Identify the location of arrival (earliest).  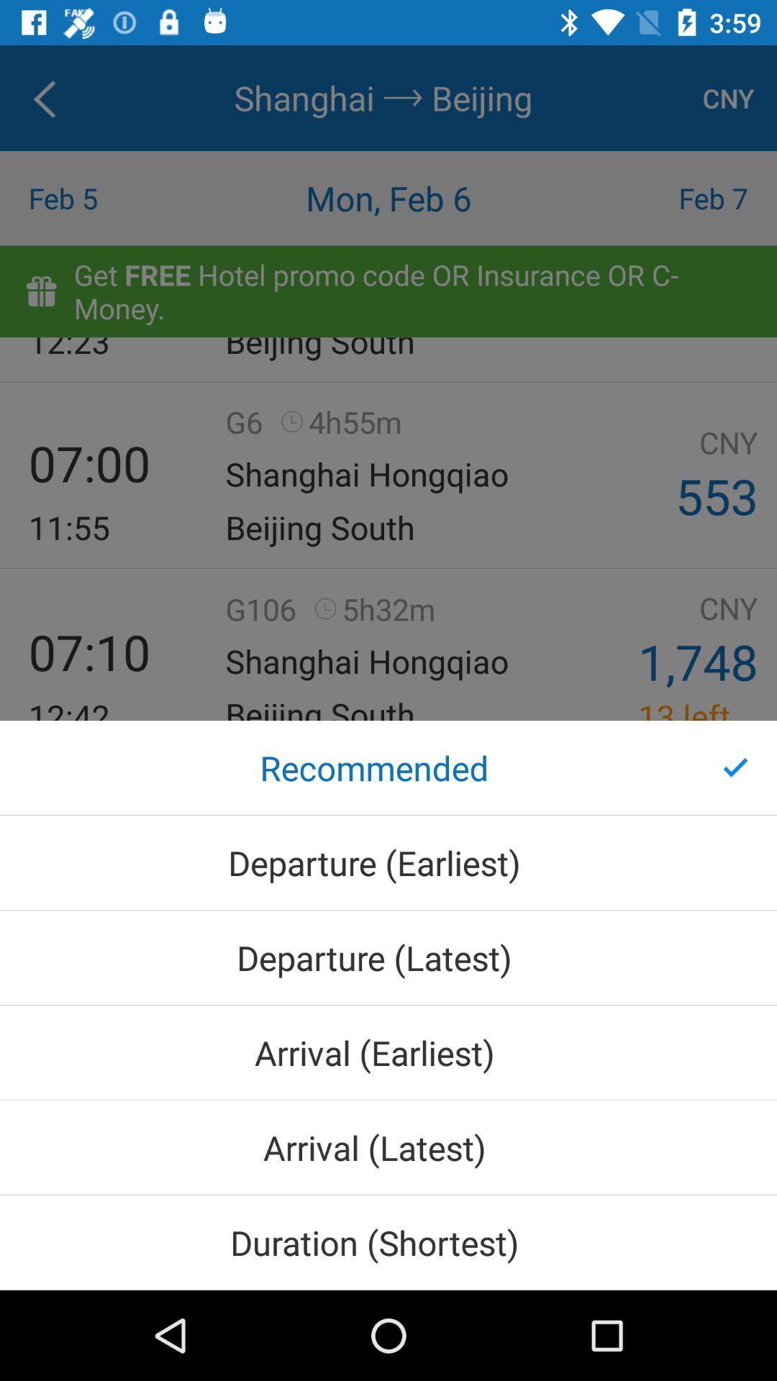
(388, 1052).